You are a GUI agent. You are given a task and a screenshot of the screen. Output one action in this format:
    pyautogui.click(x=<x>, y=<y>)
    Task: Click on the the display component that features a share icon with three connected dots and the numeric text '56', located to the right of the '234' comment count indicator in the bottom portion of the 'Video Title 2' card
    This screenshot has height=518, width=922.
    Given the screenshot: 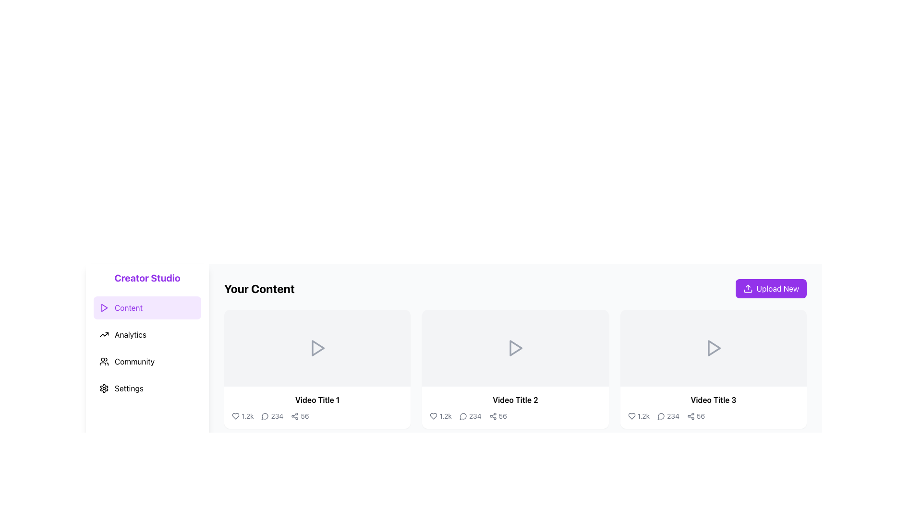 What is the action you would take?
    pyautogui.click(x=498, y=415)
    